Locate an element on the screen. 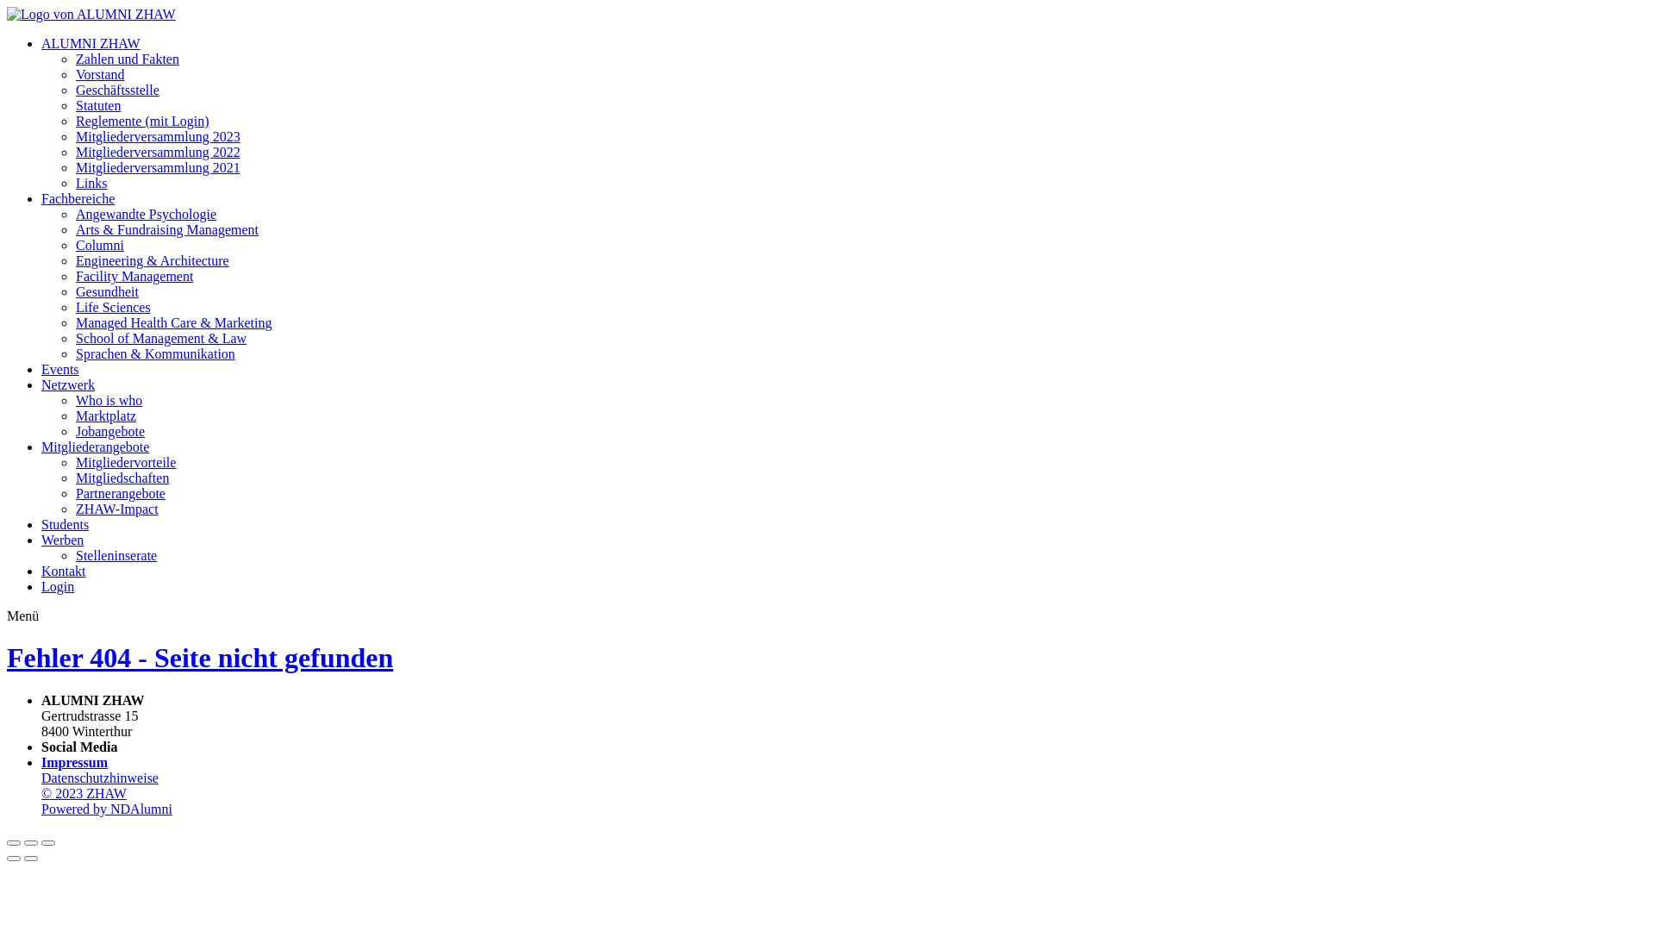  'Mitgliederangebote' is located at coordinates (94, 446).